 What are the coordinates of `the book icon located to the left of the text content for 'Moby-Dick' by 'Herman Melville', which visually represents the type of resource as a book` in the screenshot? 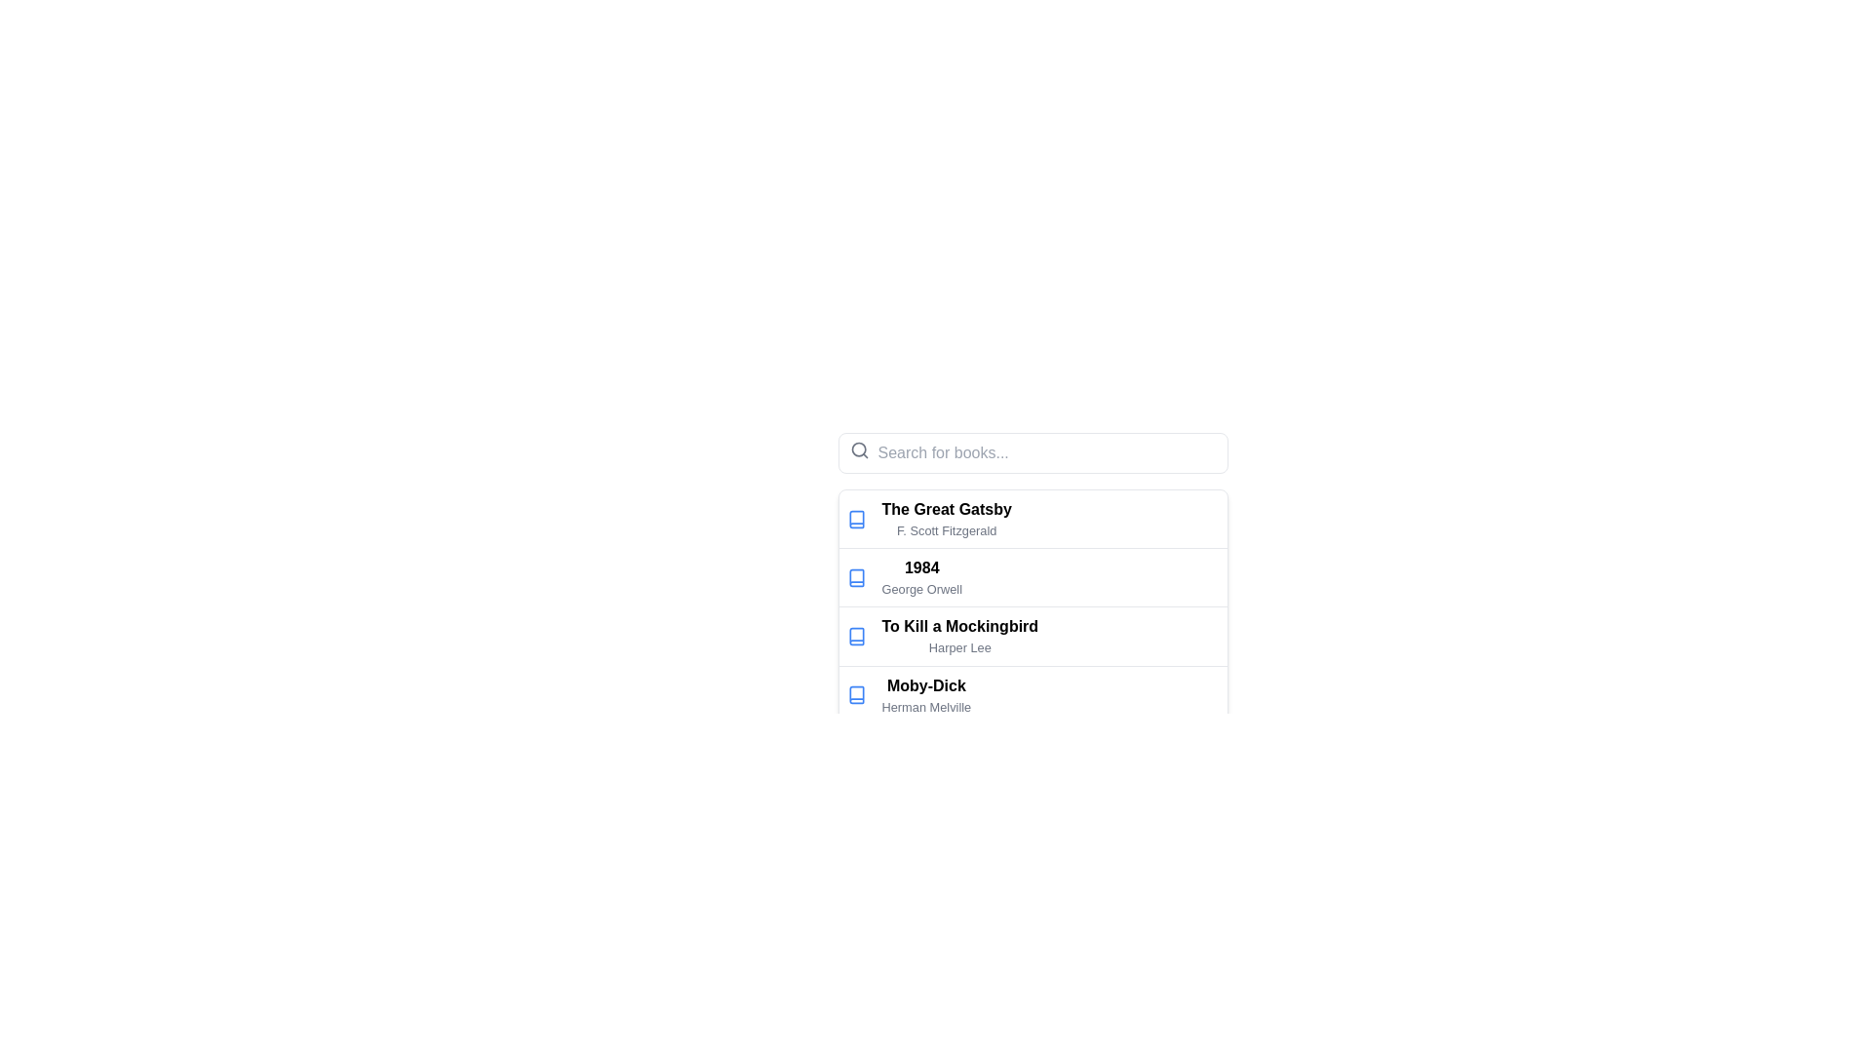 It's located at (856, 694).